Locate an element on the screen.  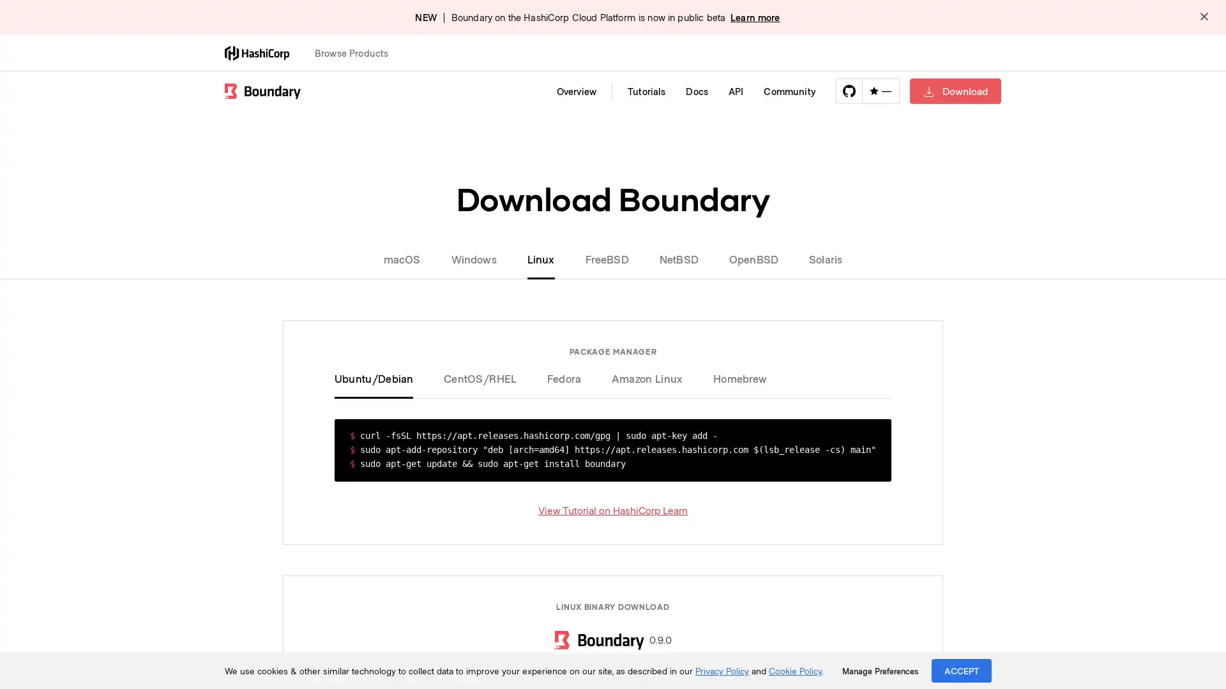
Homebrew is located at coordinates (732, 378).